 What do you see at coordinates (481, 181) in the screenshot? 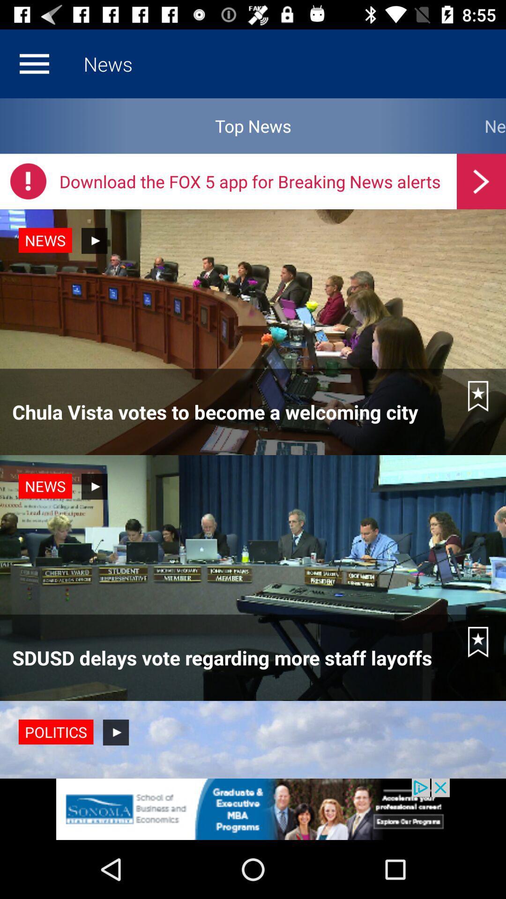
I see `the icon which is at the top right corner` at bounding box center [481, 181].